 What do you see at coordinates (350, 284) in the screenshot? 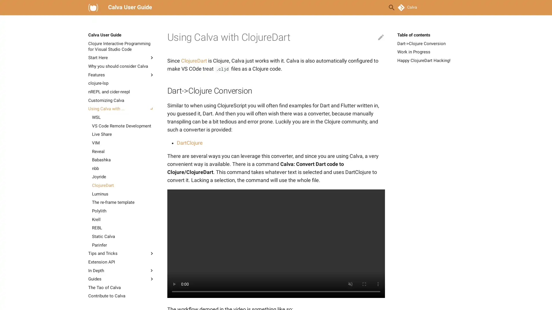
I see `unmute` at bounding box center [350, 284].